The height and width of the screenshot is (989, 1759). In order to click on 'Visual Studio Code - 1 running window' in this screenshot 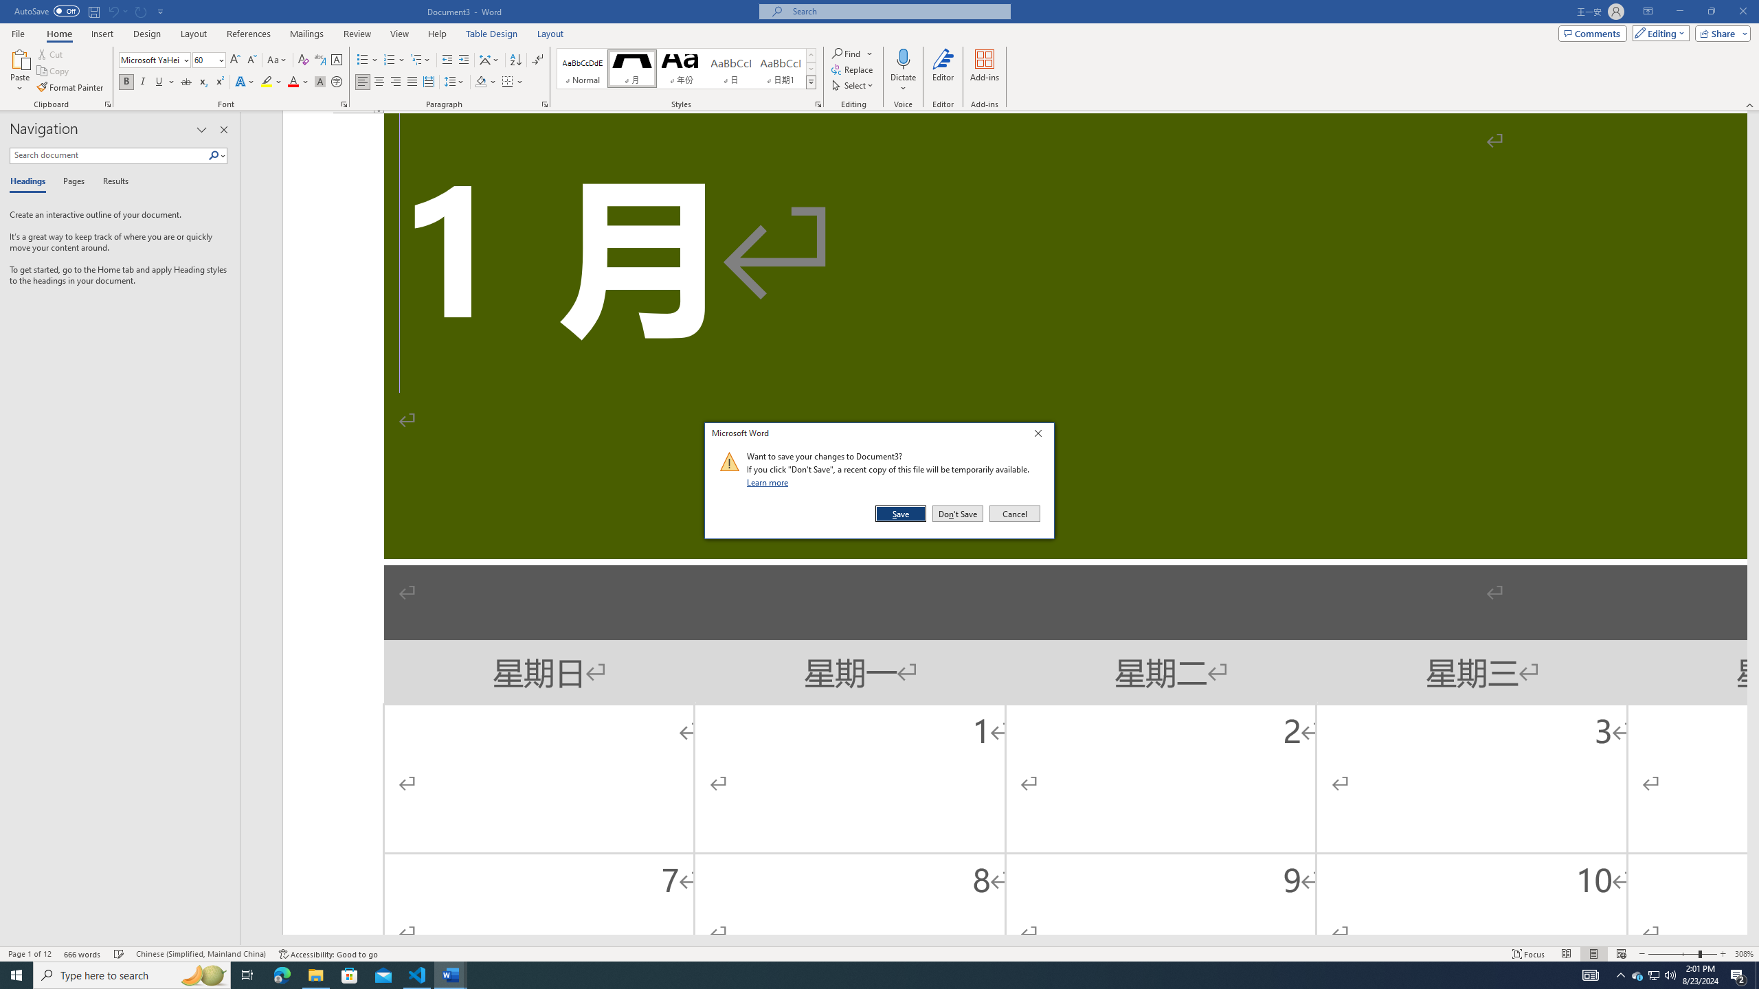, I will do `click(417, 974)`.